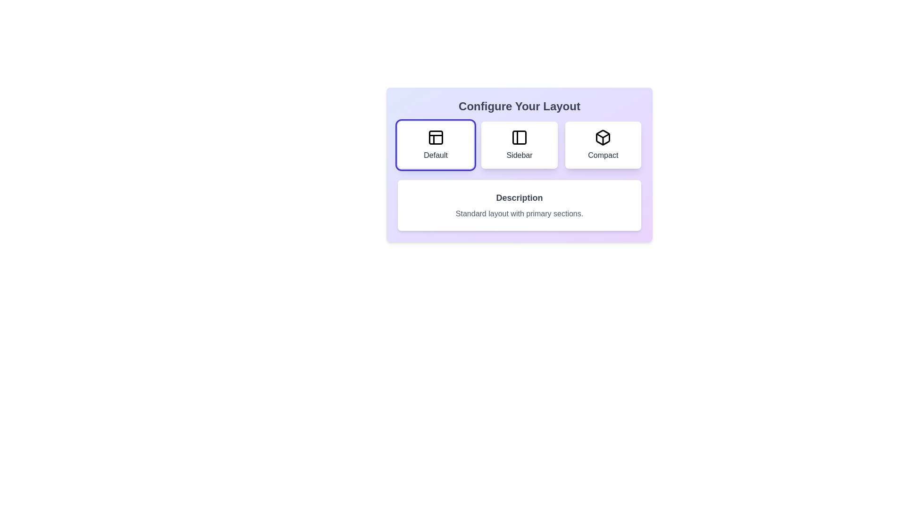  I want to click on the layout by clicking the button labeled Default, so click(435, 145).